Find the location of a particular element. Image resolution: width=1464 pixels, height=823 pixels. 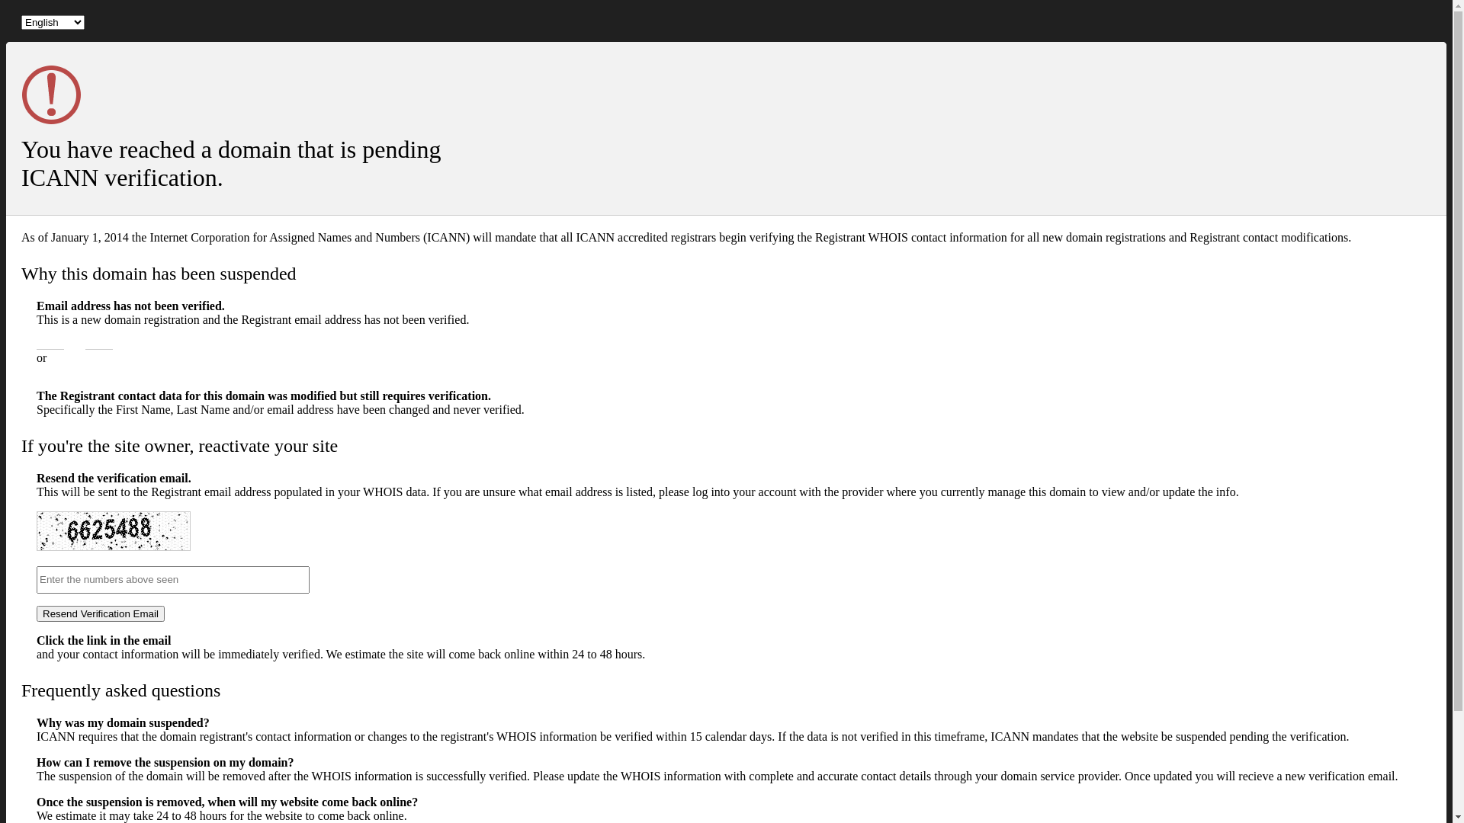

'Resend Verification Email' is located at coordinates (37, 613).